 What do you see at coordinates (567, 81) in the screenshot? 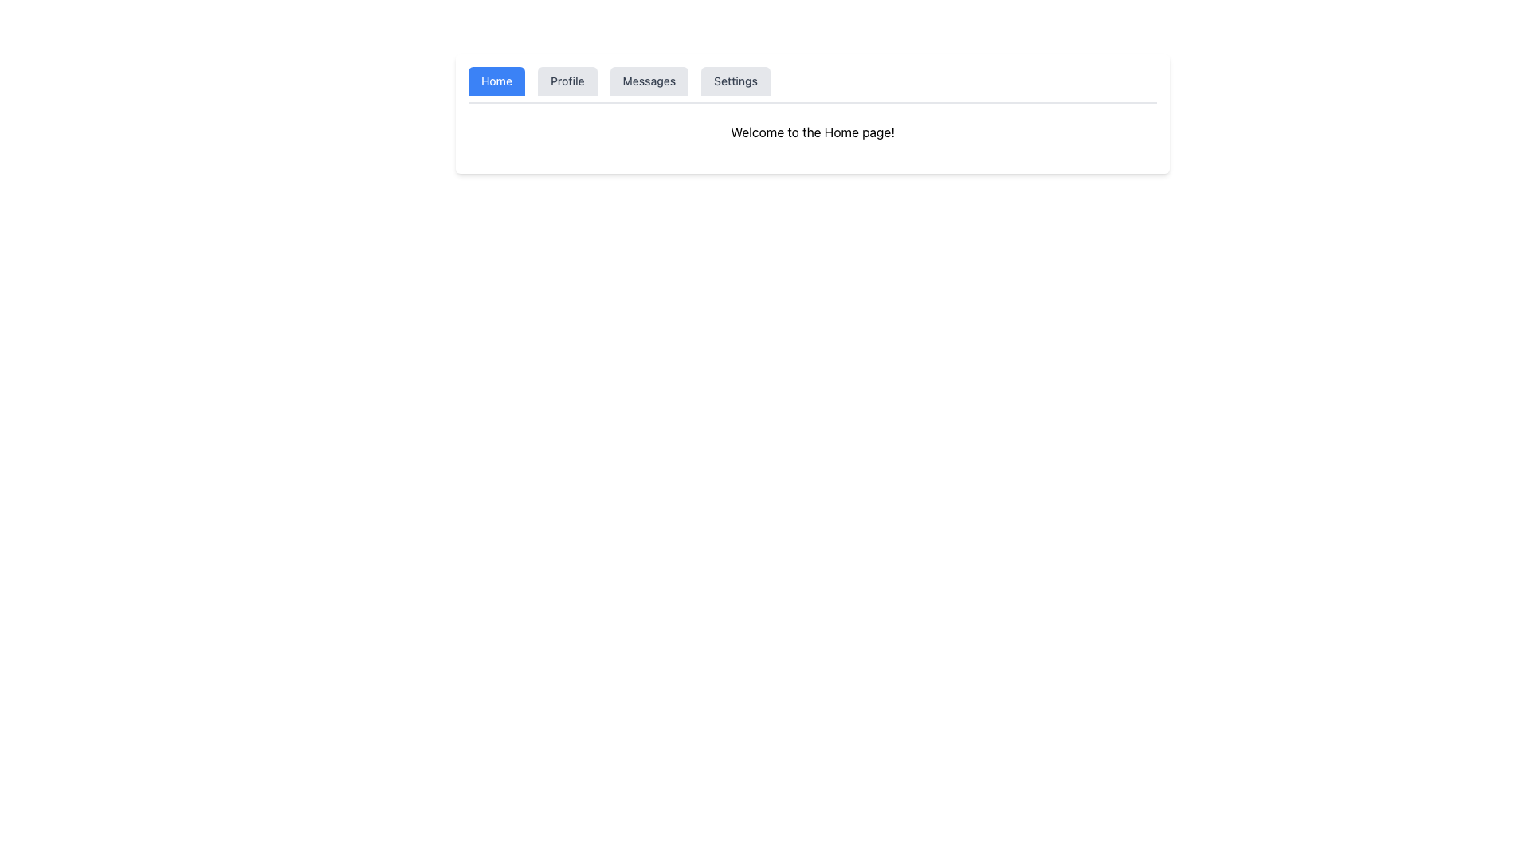
I see `the 'Profile' button, which is a rectangular button with a light gray background and dark gray, center-aligned text` at bounding box center [567, 81].